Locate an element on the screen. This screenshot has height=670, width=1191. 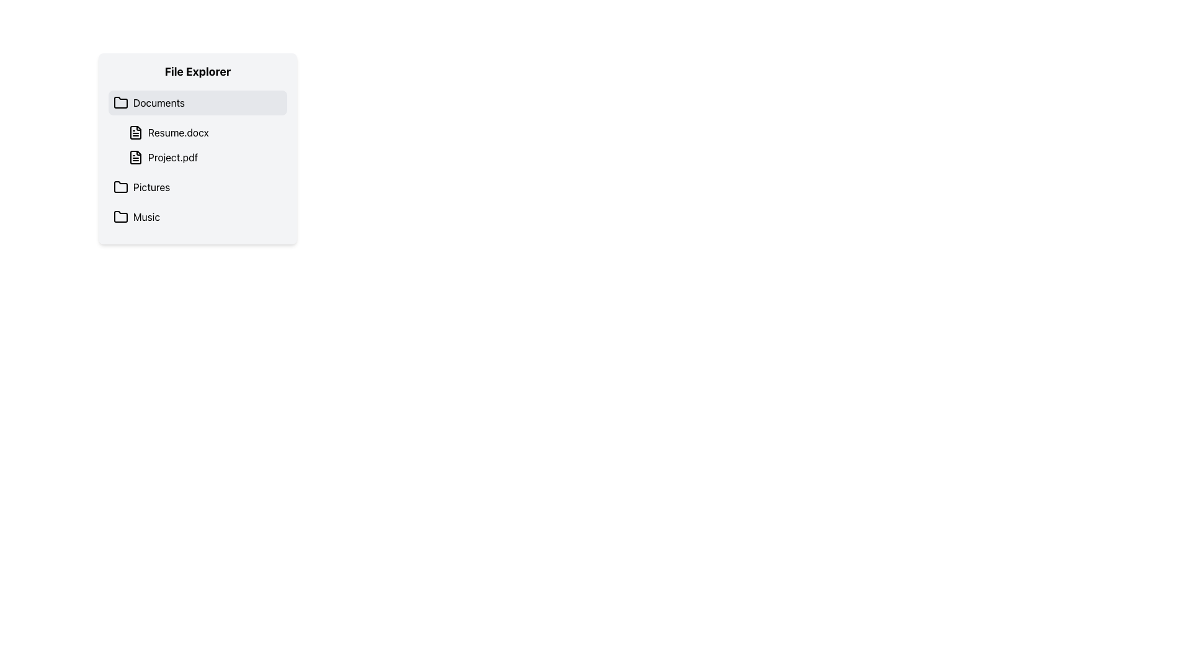
to select the file entry labeled 'Project.pdf' in the file explorer interface is located at coordinates (205, 157).